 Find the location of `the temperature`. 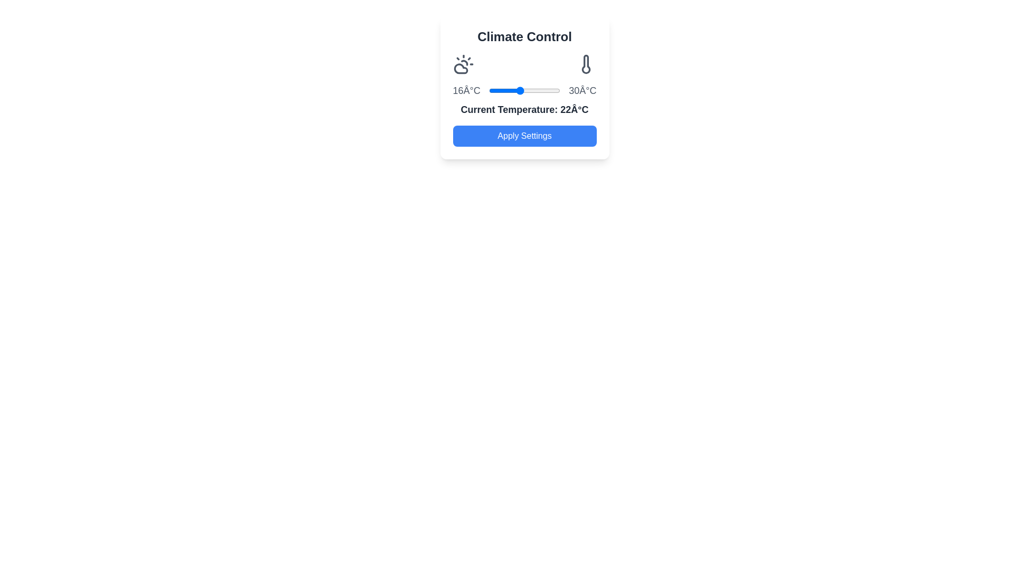

the temperature is located at coordinates (493, 90).